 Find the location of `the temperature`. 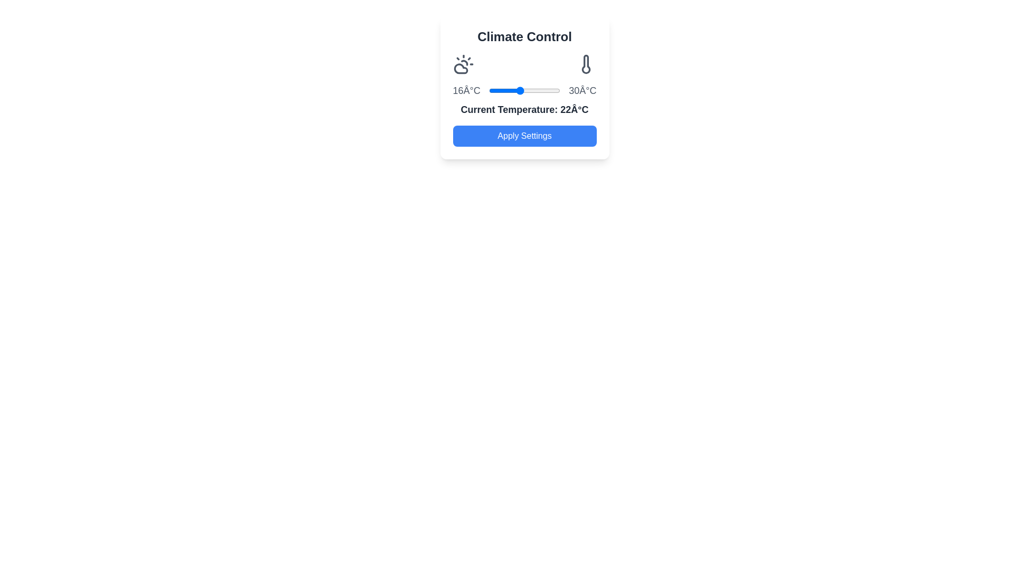

the temperature is located at coordinates (493, 90).